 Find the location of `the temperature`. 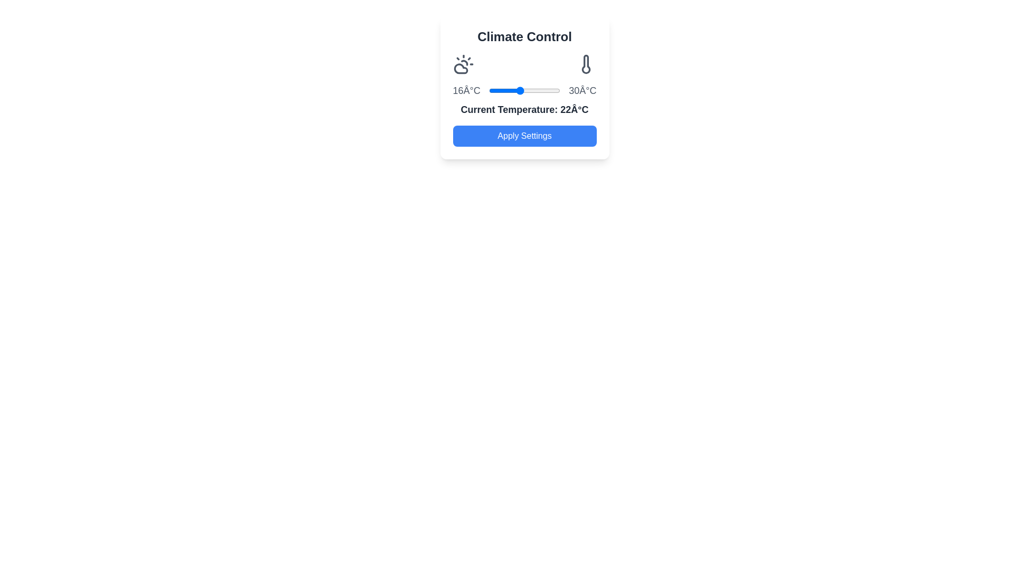

the temperature is located at coordinates (493, 90).